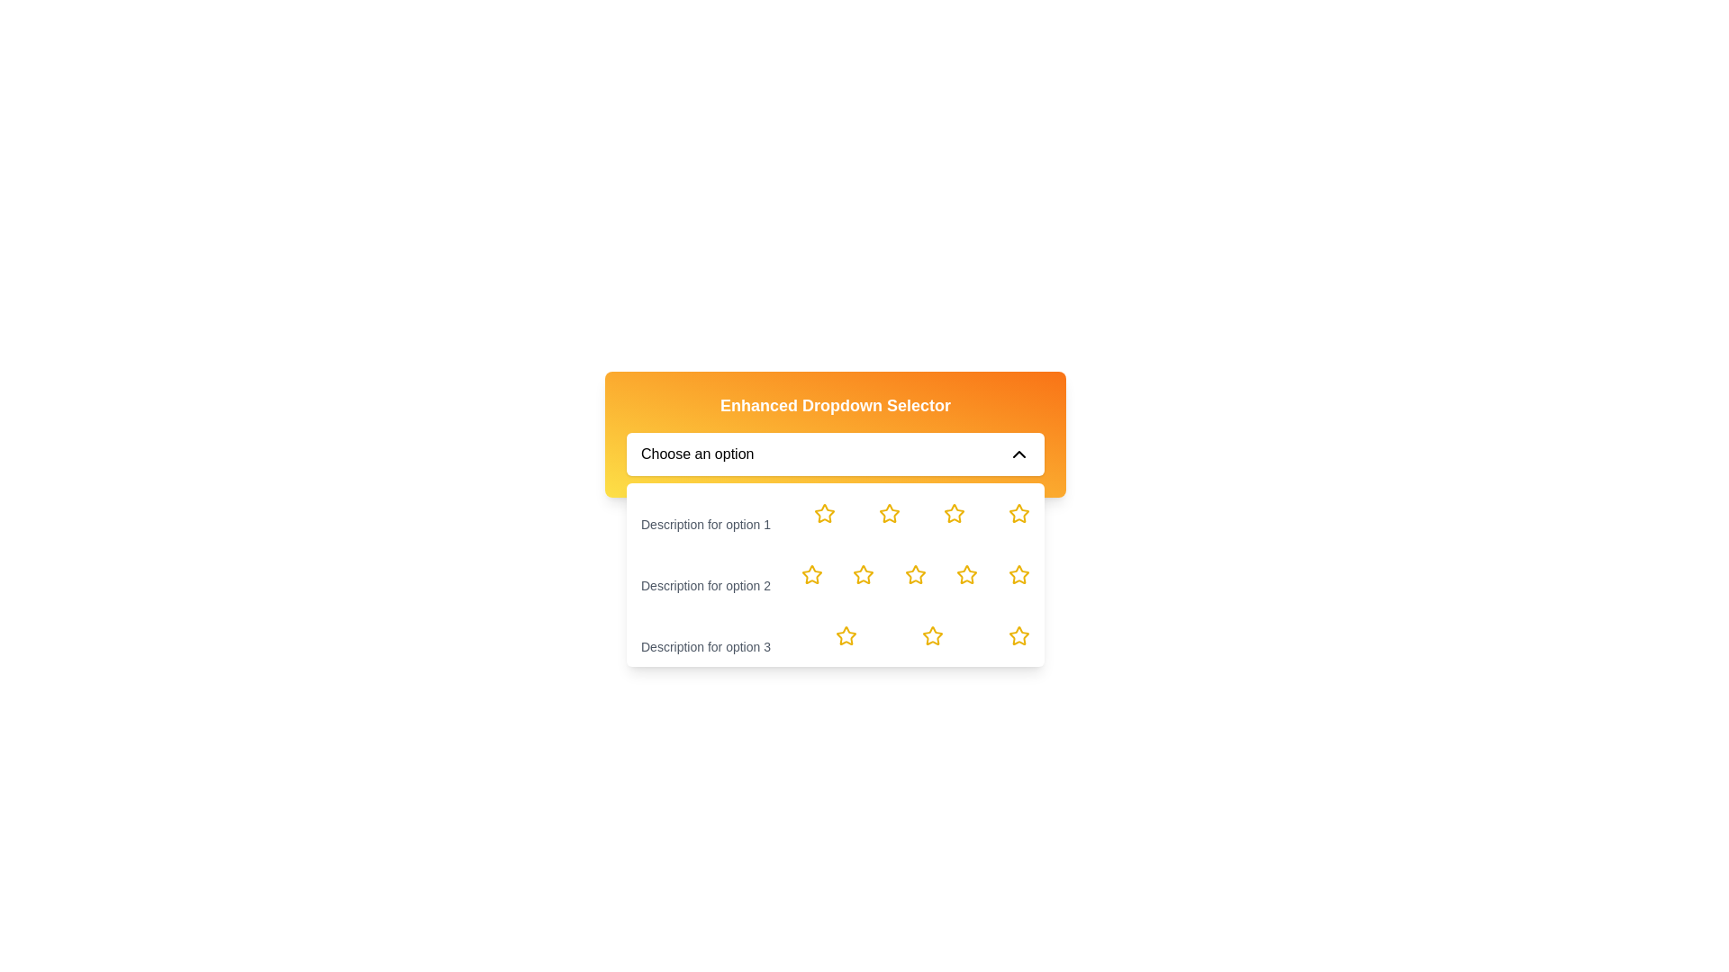 Image resolution: width=1729 pixels, height=972 pixels. What do you see at coordinates (1019, 513) in the screenshot?
I see `the star-shaped icon with a hollow center and bright yellow stroke, located in the last column of the first row of the star rating grid, to interact with it` at bounding box center [1019, 513].